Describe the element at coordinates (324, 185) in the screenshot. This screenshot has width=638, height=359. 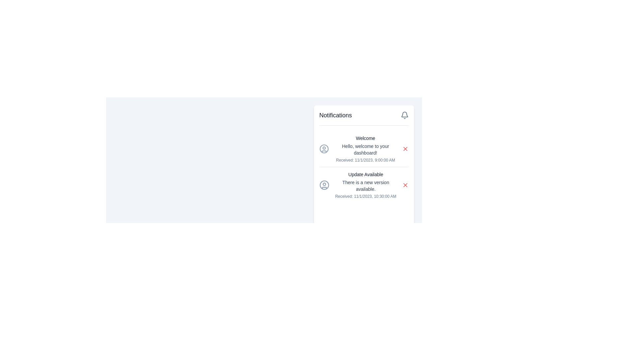
I see `the circular user profile icon styled in slate-gray, located to the left of the 'Update Available' notification` at that location.